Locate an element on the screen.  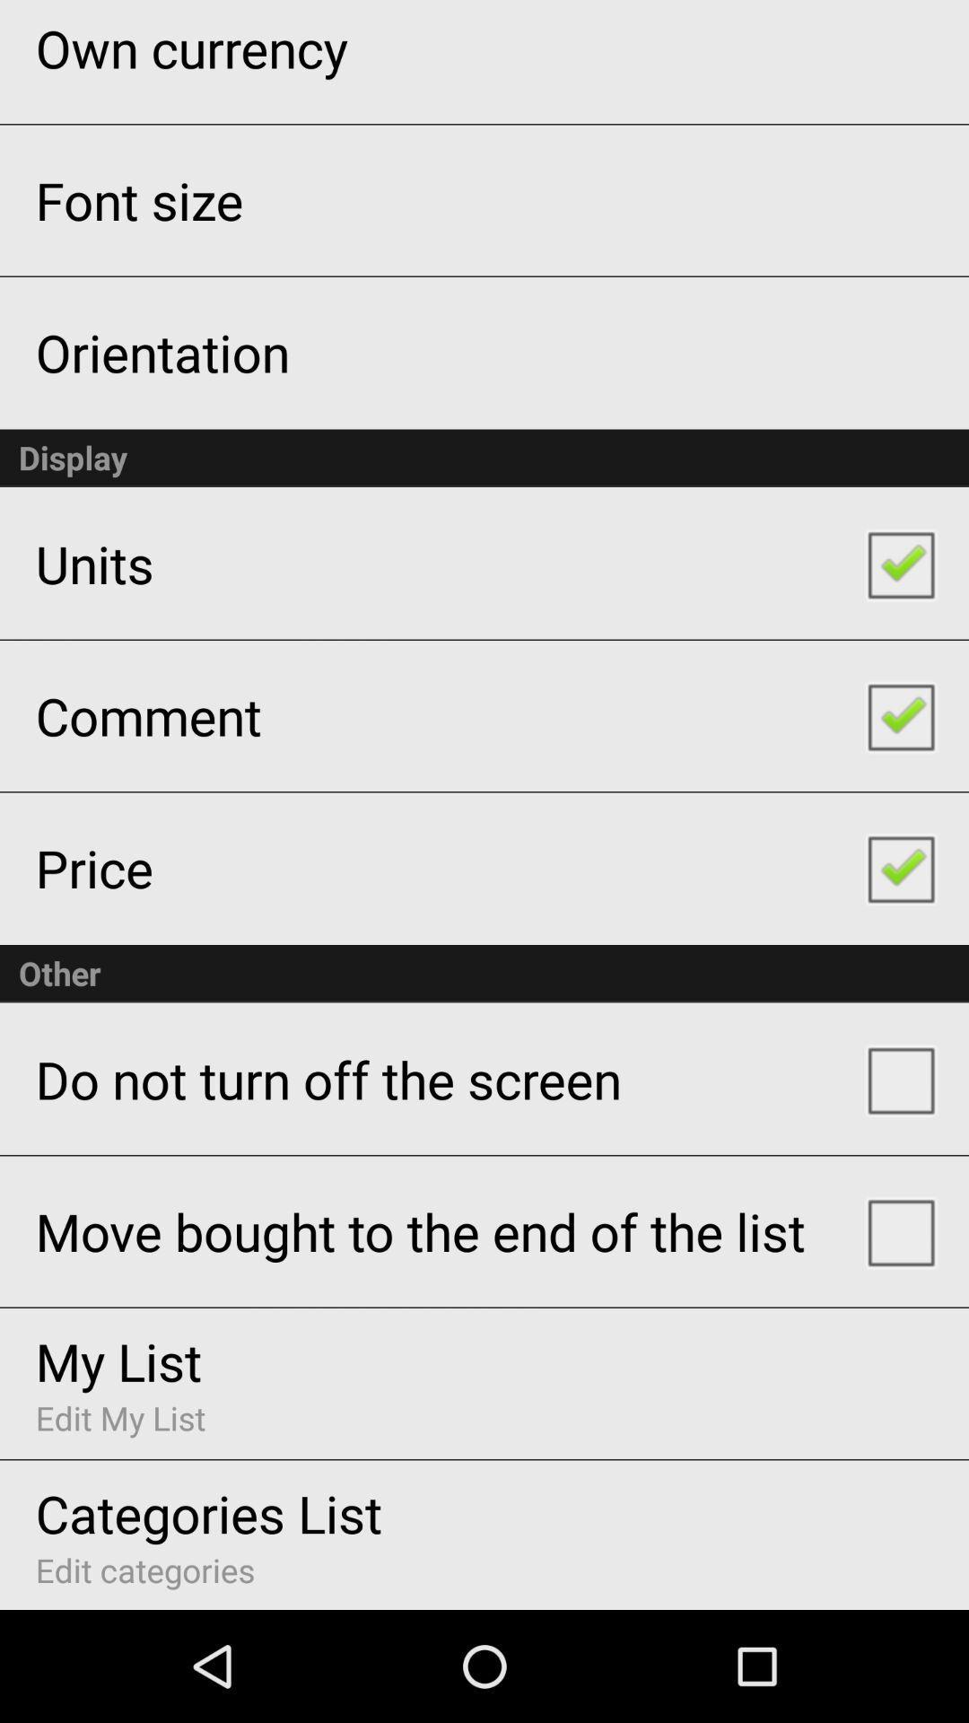
the item below the own currency app is located at coordinates (138, 200).